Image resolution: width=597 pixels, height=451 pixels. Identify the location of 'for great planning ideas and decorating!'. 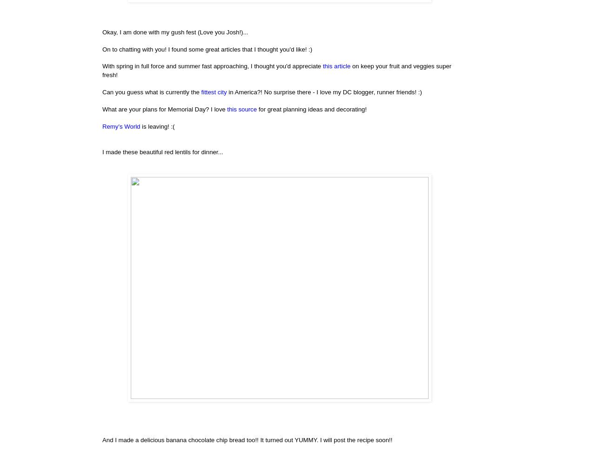
(311, 109).